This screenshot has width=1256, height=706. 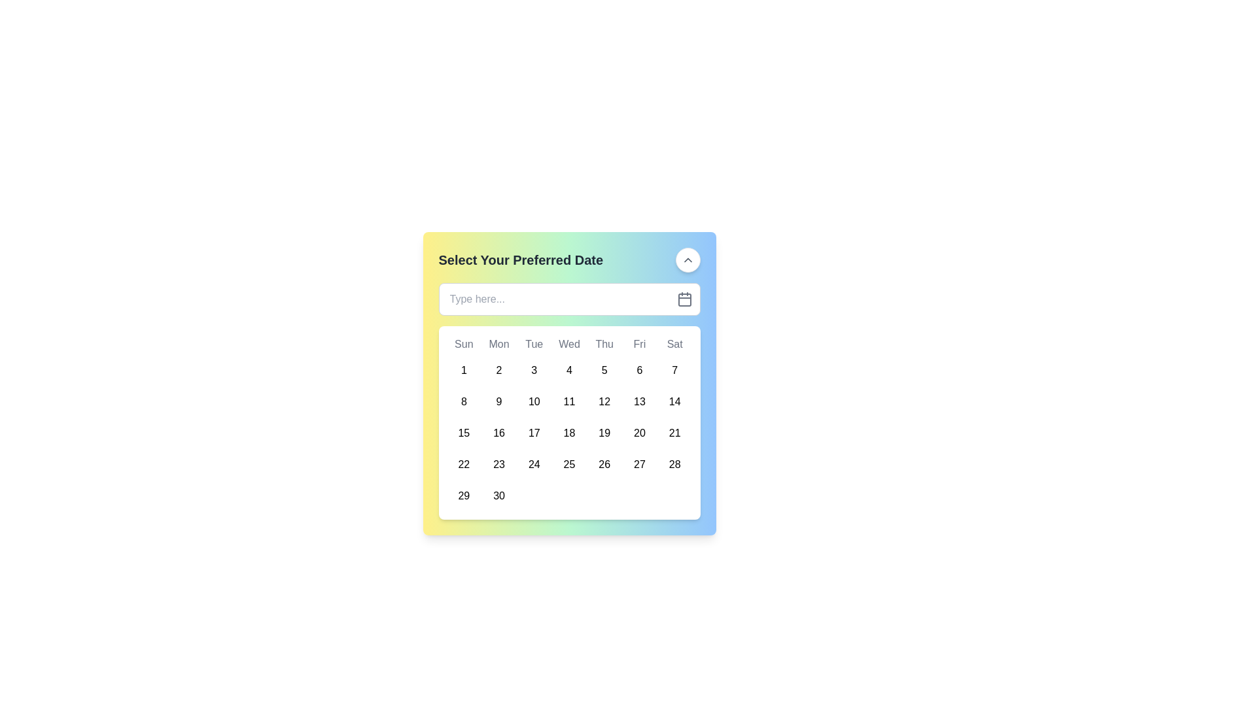 I want to click on the button representing the 11th day of the month in the calendar, so click(x=569, y=401).